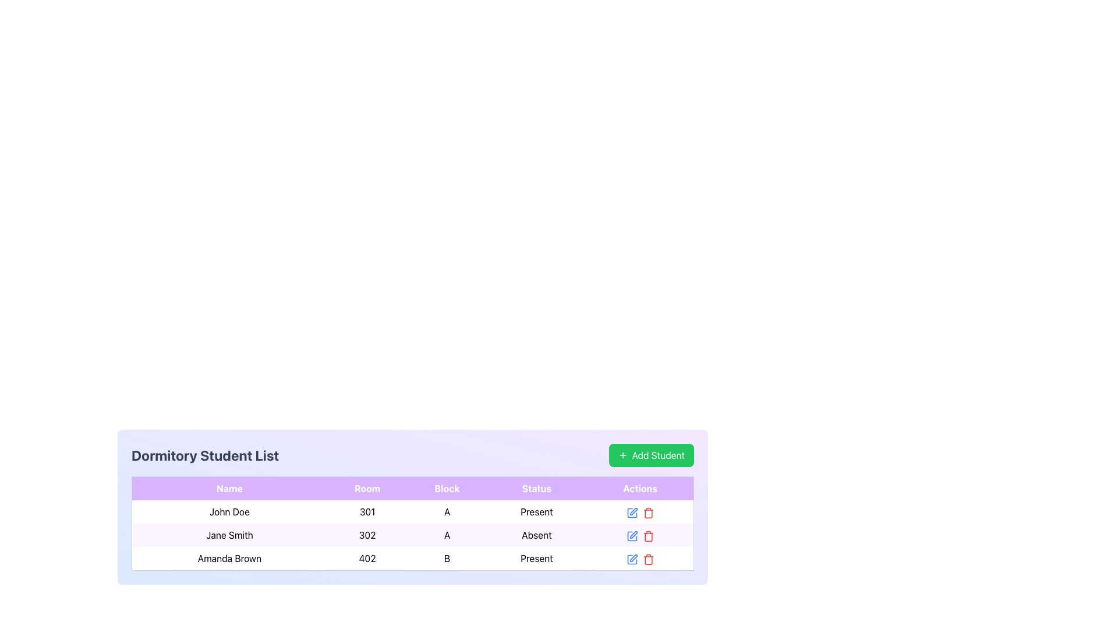  I want to click on the editing icon representing 'Amanda Brown' in the 'Actions' column, so click(631, 559).